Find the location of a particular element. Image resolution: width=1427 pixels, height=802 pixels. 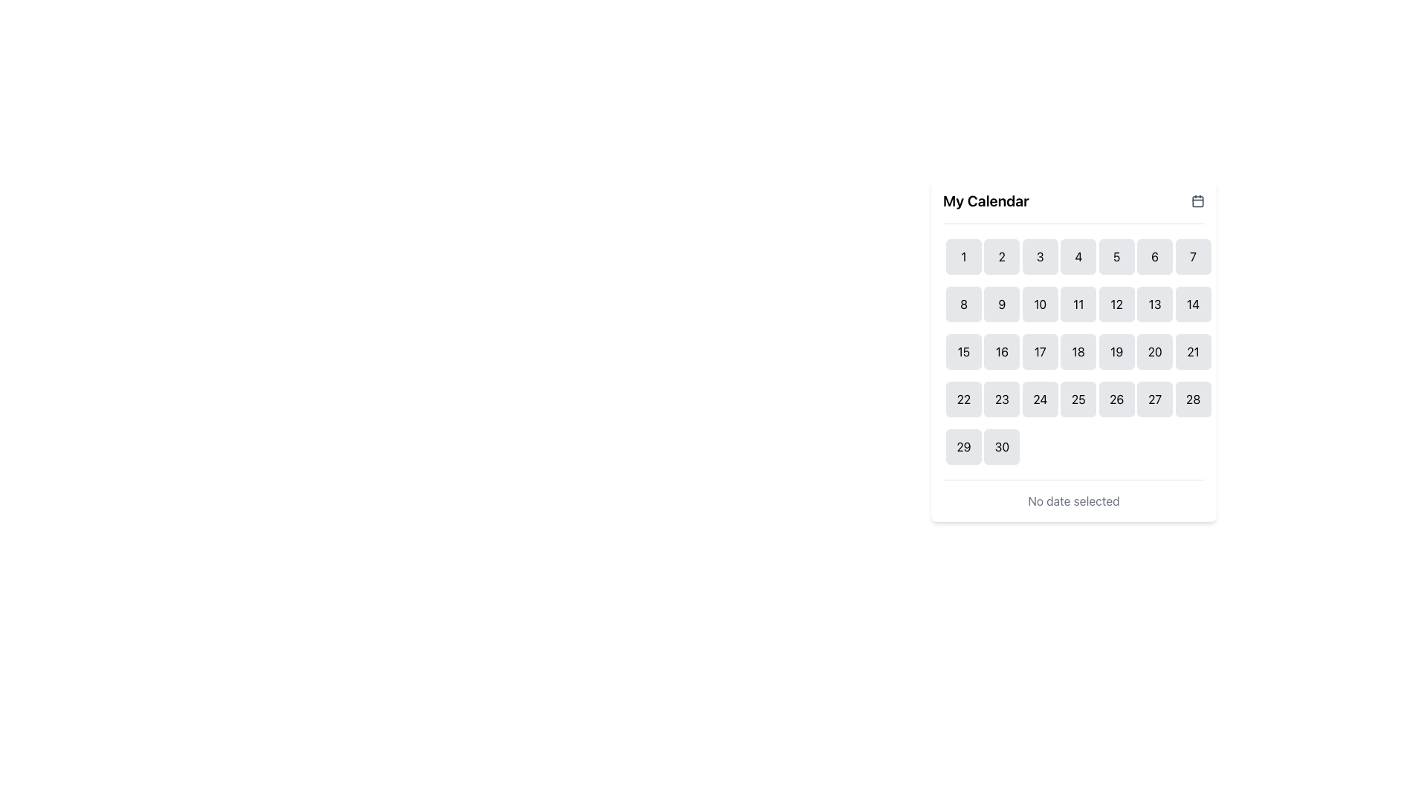

the square-shaped calendar cell with the number '25' centered in black text is located at coordinates (1078, 398).